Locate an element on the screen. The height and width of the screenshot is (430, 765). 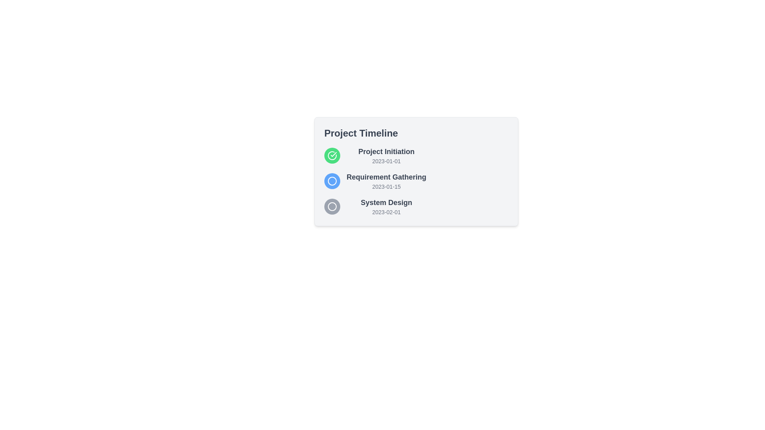
the visual indicator icon representing the 'Requirement Gathering' stage in the Project Timeline, located to the left of the text item 'Requirement Gathering' adjacent to the date '2023-01-15' is located at coordinates (332, 181).